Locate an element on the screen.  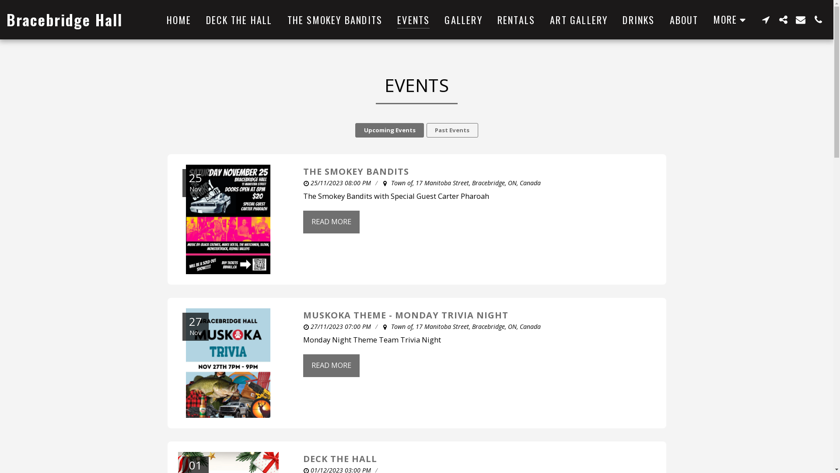
'Past Events' is located at coordinates (452, 130).